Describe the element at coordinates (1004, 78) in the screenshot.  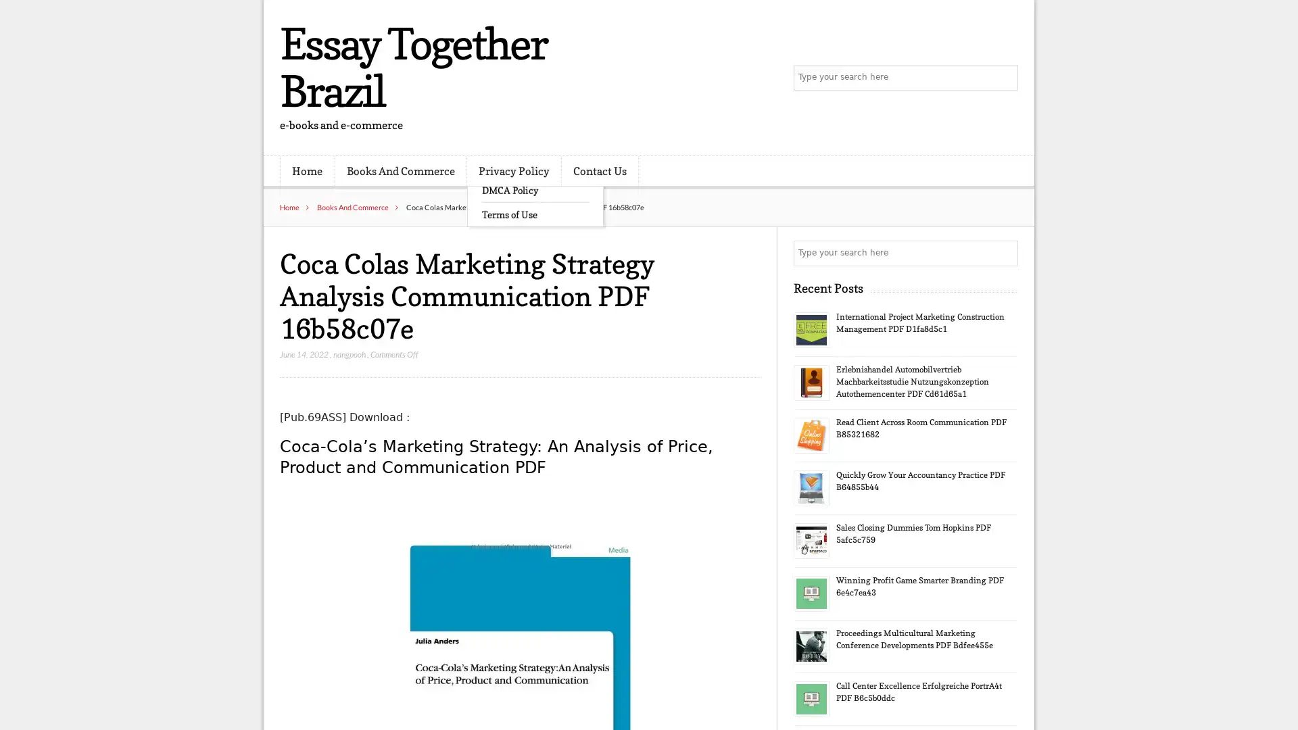
I see `Search` at that location.